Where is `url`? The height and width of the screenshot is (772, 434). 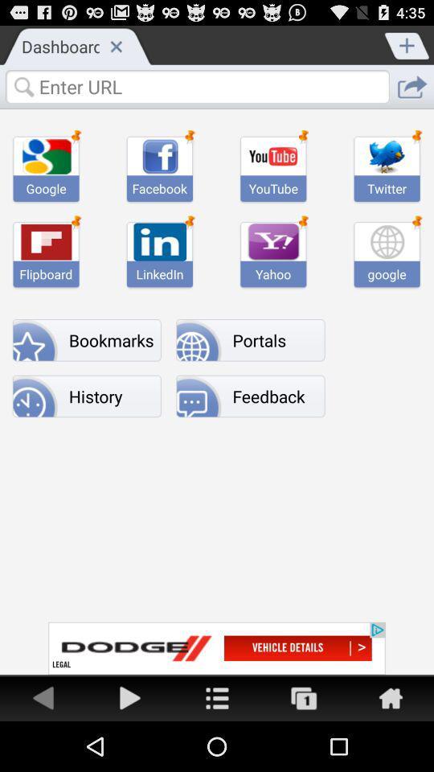
url is located at coordinates (197, 86).